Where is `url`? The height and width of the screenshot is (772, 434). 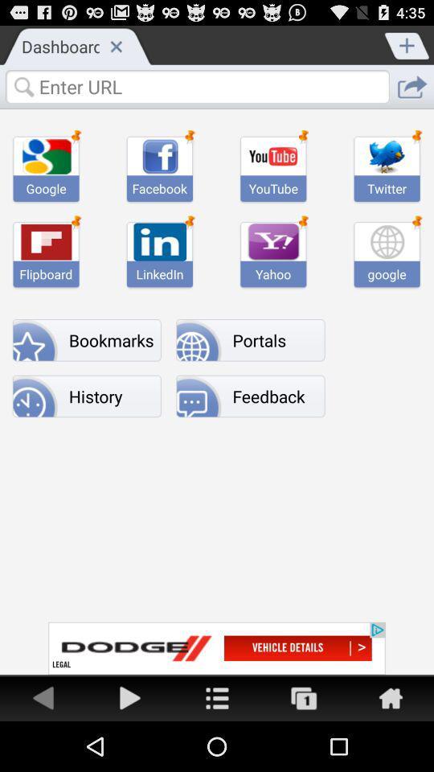
url is located at coordinates (197, 86).